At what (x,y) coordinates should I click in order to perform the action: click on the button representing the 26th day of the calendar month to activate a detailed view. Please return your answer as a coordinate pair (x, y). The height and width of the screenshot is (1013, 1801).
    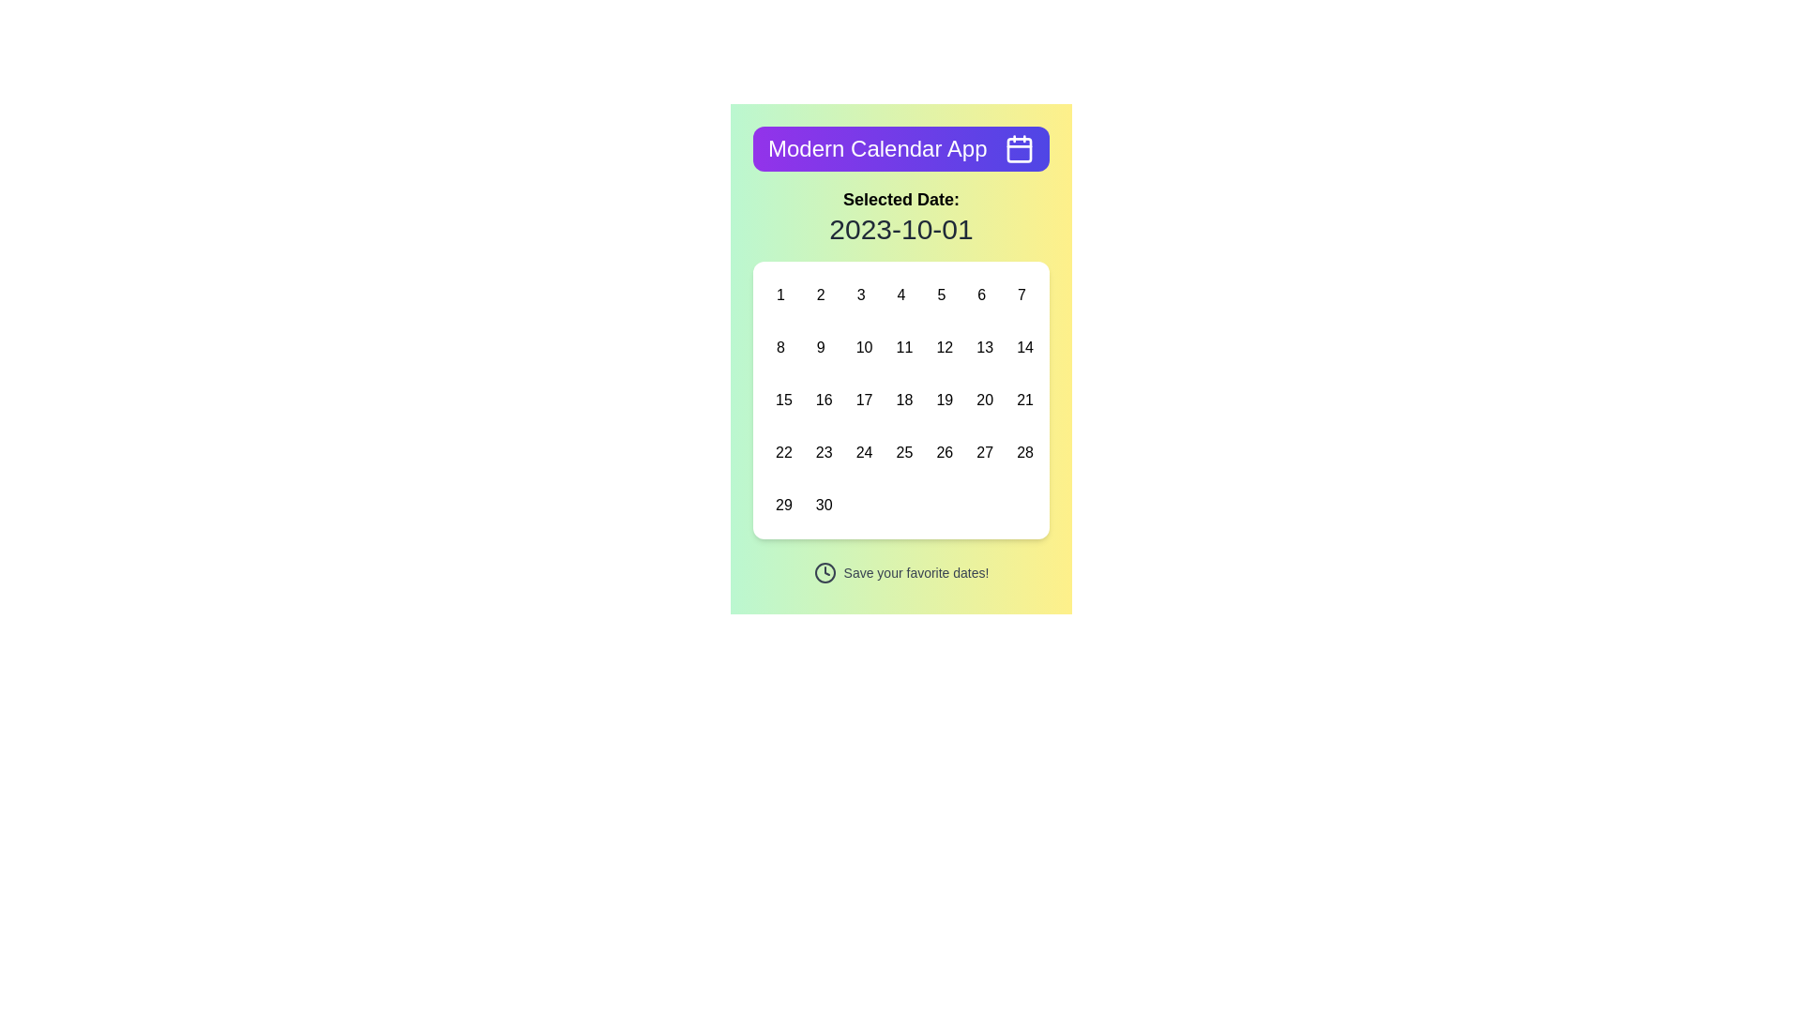
    Looking at the image, I should click on (941, 452).